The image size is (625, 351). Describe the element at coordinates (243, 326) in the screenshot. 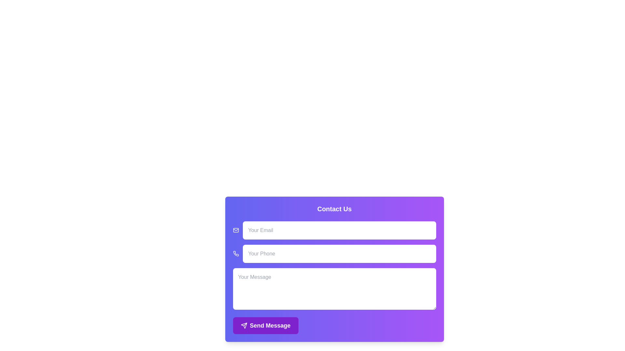

I see `the paper airplane icon located within the purplish gradient 'Send Message' button` at that location.